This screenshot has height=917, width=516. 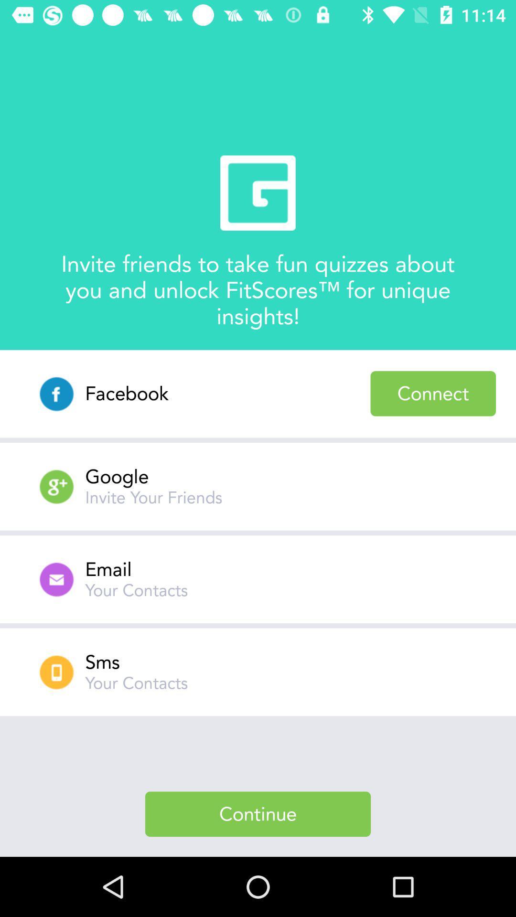 What do you see at coordinates (433, 394) in the screenshot?
I see `the connect item` at bounding box center [433, 394].